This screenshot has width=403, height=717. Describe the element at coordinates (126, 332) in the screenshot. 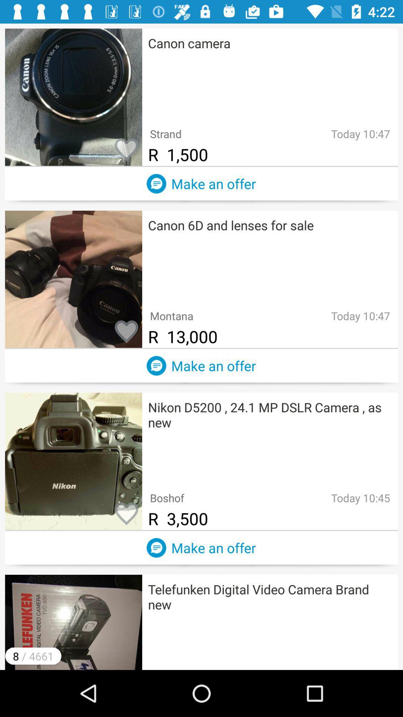

I see `to favorites` at that location.